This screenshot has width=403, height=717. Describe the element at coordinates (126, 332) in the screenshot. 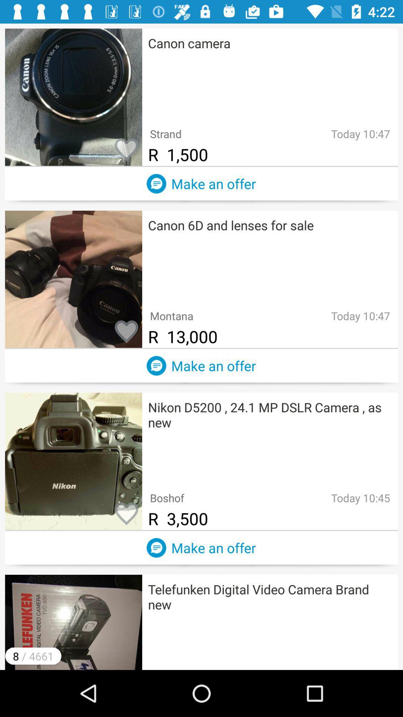

I see `to favorites` at that location.